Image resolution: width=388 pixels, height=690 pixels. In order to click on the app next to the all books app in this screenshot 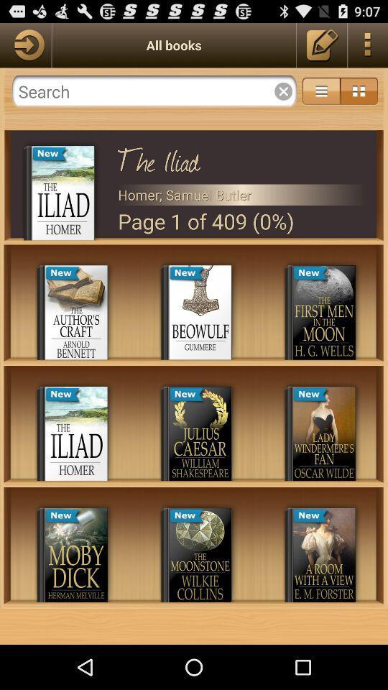, I will do `click(25, 45)`.